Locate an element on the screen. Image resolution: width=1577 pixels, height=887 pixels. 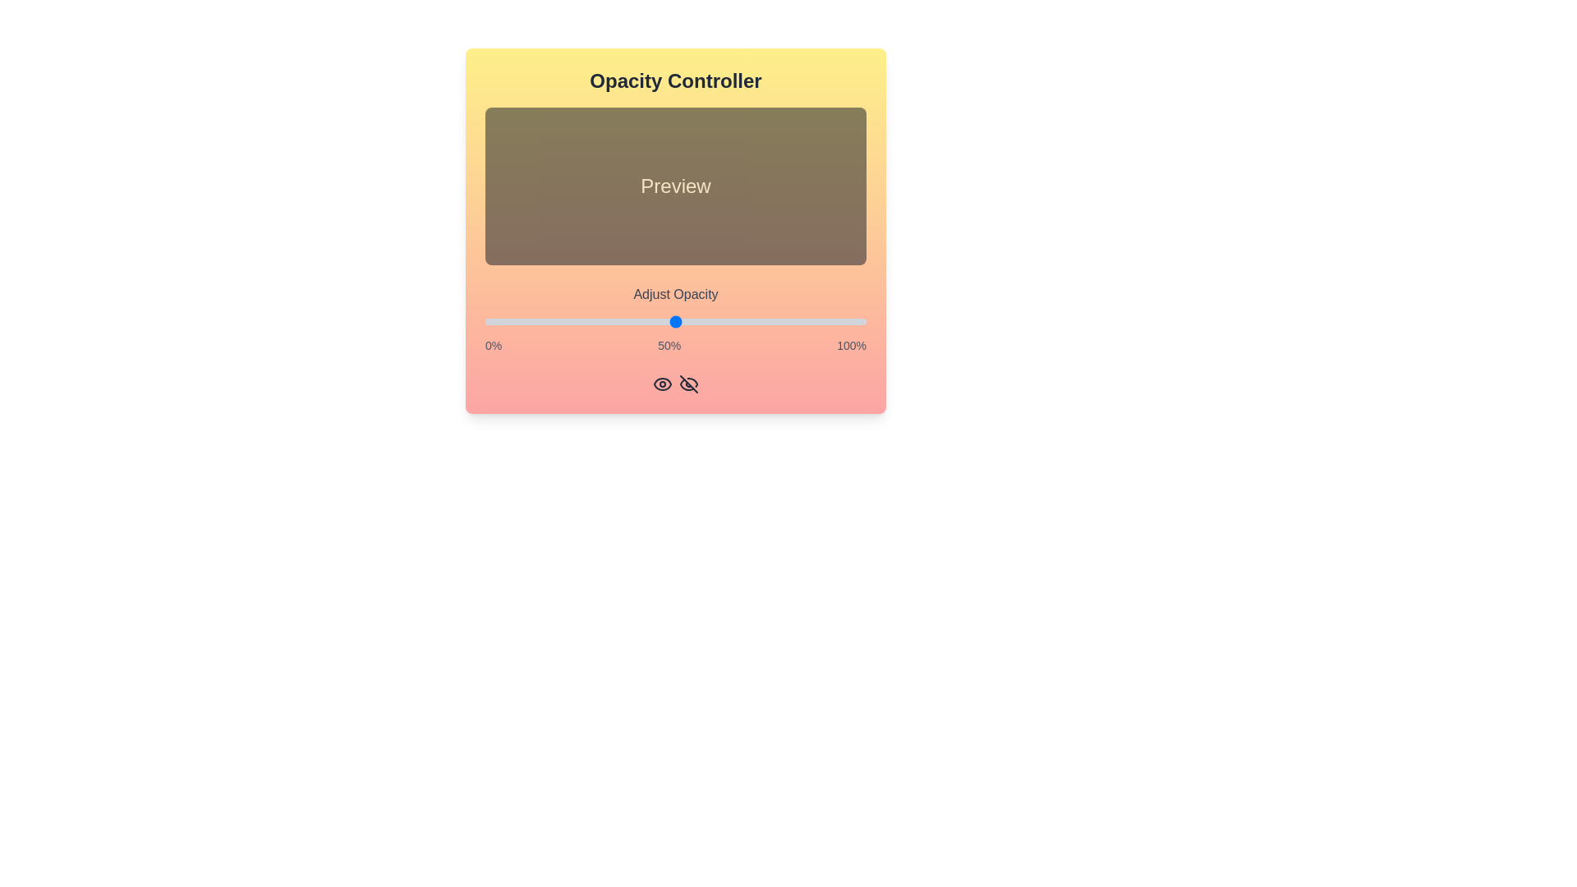
the opacity slider to 62% is located at coordinates (721, 322).